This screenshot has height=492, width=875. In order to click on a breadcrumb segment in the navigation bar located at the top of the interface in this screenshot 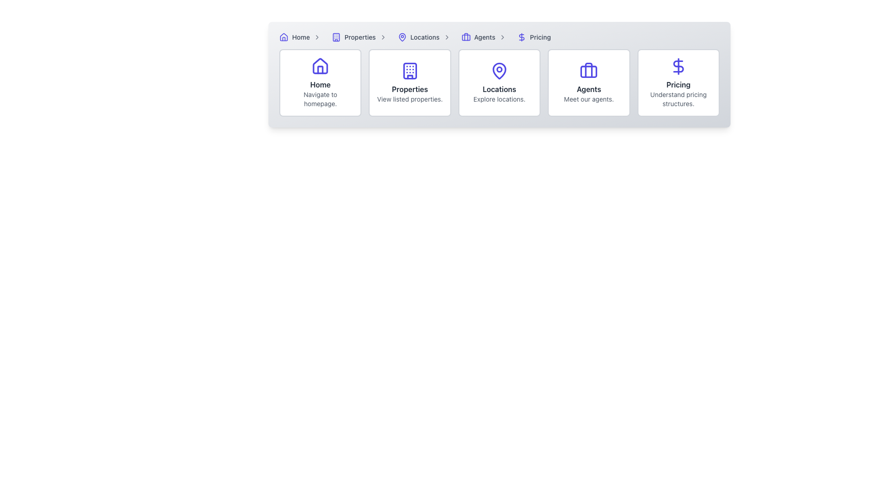, I will do `click(499, 36)`.